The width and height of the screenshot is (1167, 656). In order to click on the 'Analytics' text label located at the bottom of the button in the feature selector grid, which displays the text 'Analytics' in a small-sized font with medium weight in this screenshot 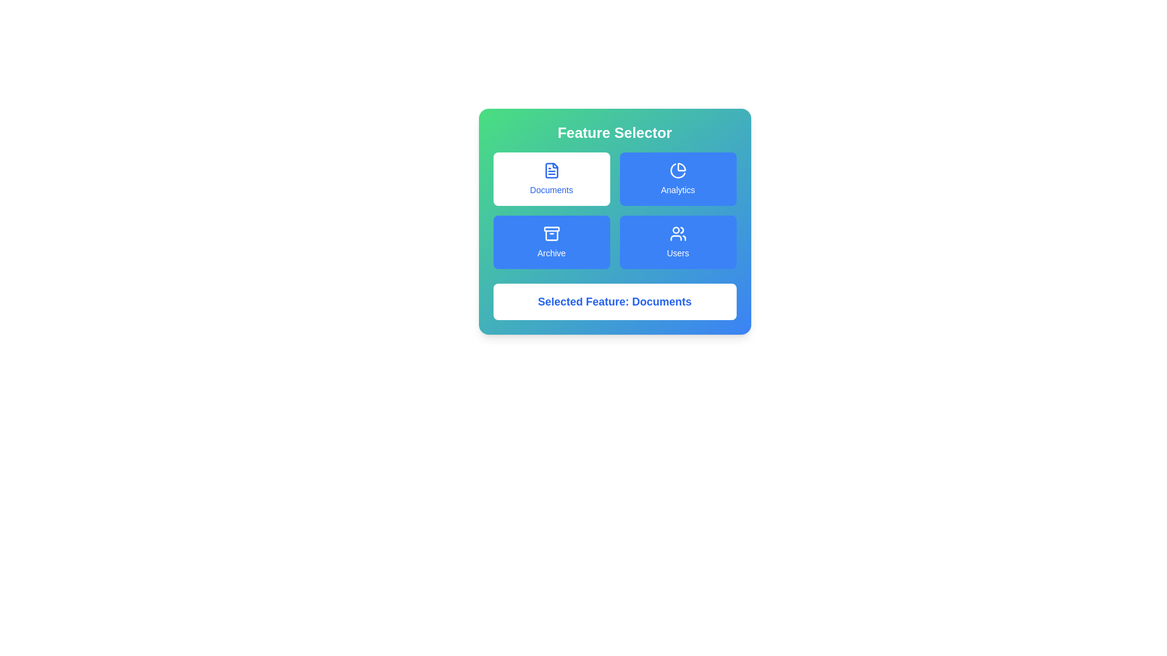, I will do `click(677, 190)`.